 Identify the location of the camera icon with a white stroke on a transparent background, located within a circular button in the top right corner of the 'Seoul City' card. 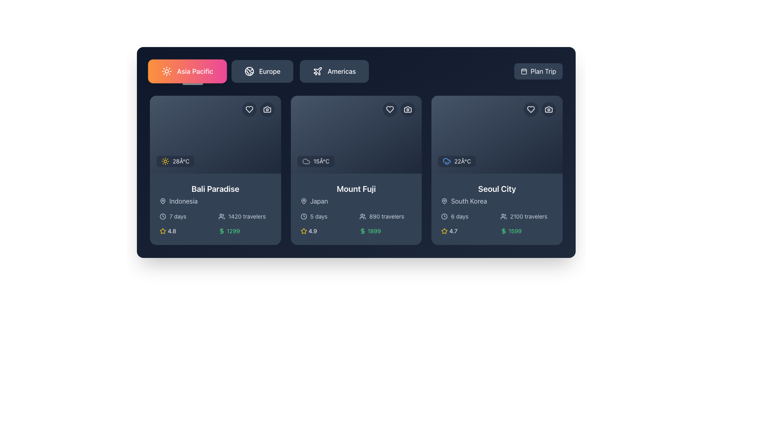
(548, 109).